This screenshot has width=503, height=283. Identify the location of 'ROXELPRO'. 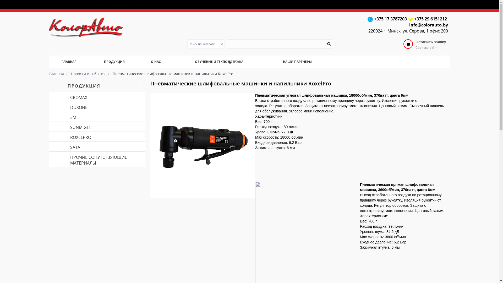
(49, 136).